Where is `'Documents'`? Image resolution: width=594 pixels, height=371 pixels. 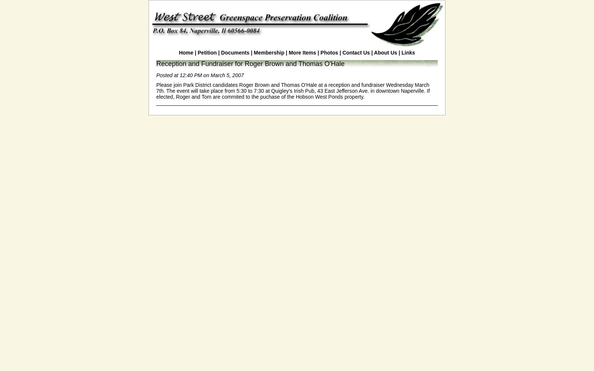 'Documents' is located at coordinates (235, 53).